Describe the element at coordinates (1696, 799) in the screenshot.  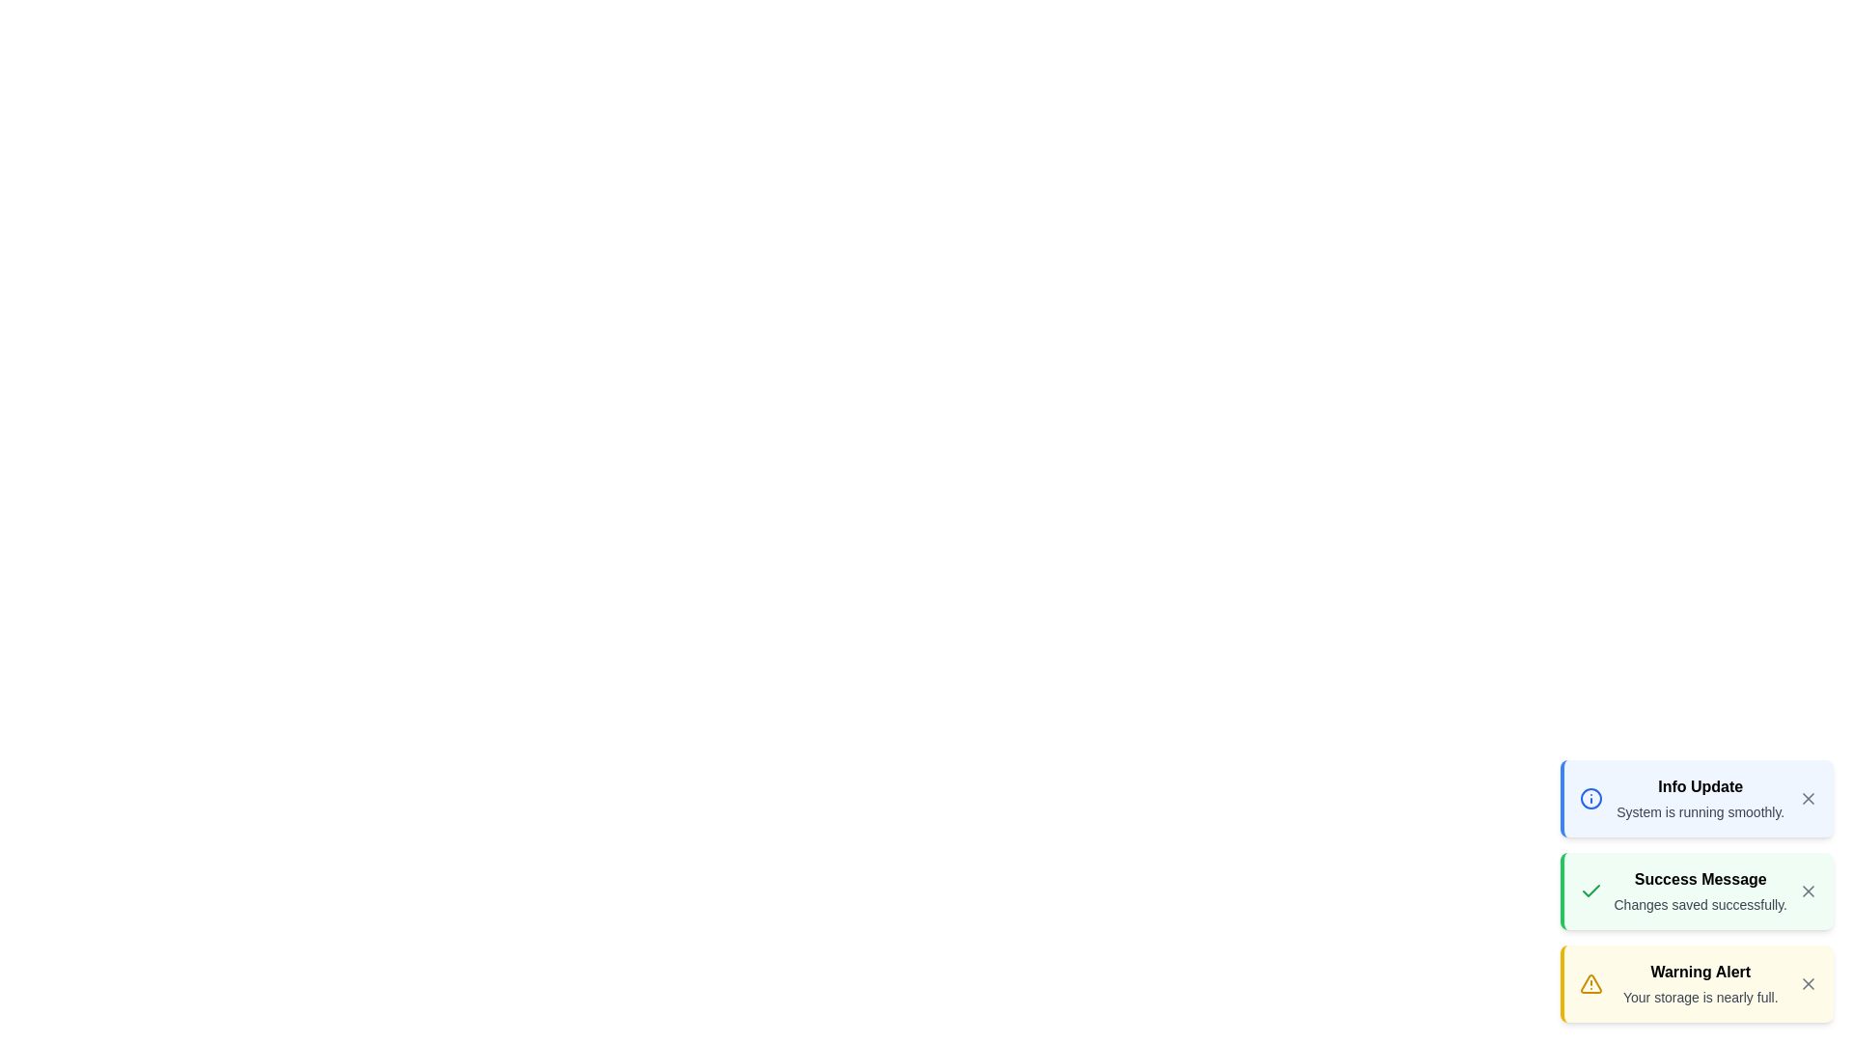
I see `the notification with the title Info Update to emphasize its icon and color` at that location.